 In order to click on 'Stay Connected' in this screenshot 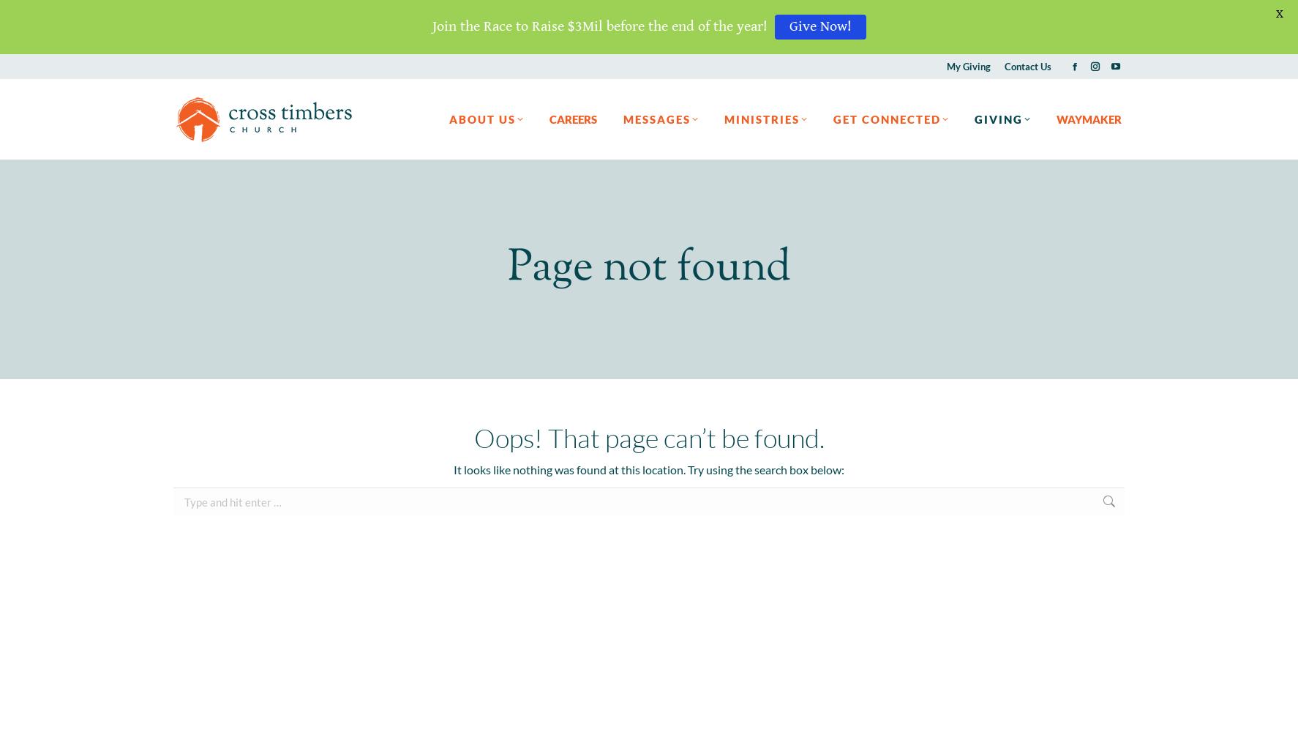, I will do `click(874, 212)`.